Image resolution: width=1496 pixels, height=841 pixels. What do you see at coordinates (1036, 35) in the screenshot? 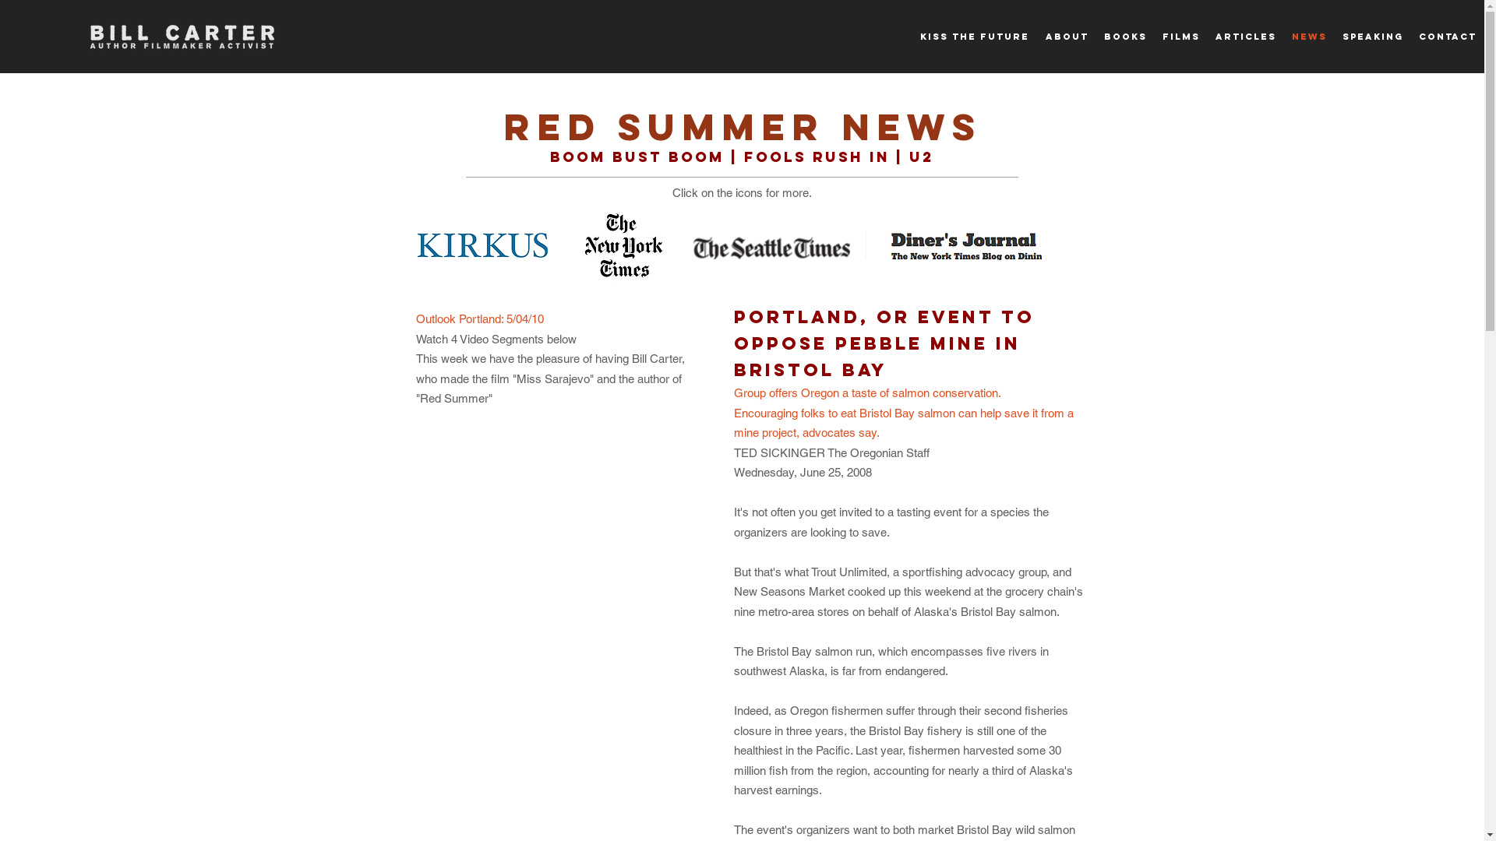
I see `'ABOUT'` at bounding box center [1036, 35].